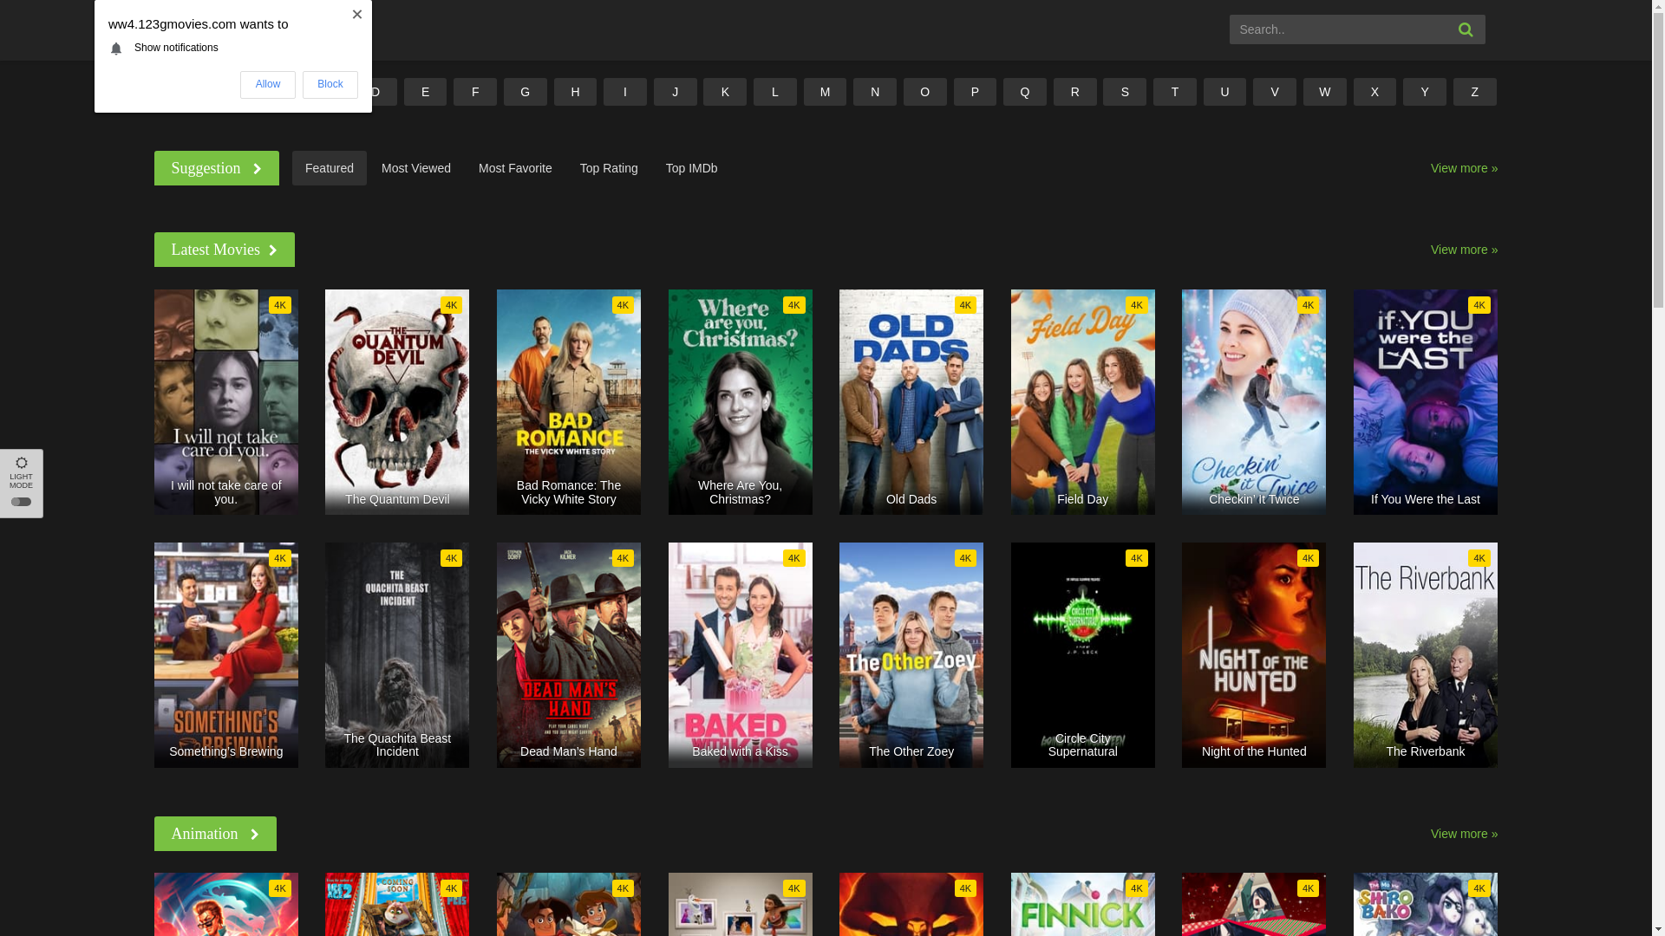 This screenshot has width=1665, height=936. I want to click on 'Top IMDb', so click(652, 167).